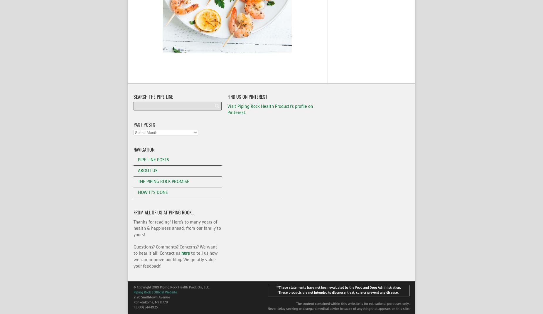 This screenshot has width=543, height=314. Describe the element at coordinates (144, 124) in the screenshot. I see `'PAST POSTS'` at that location.